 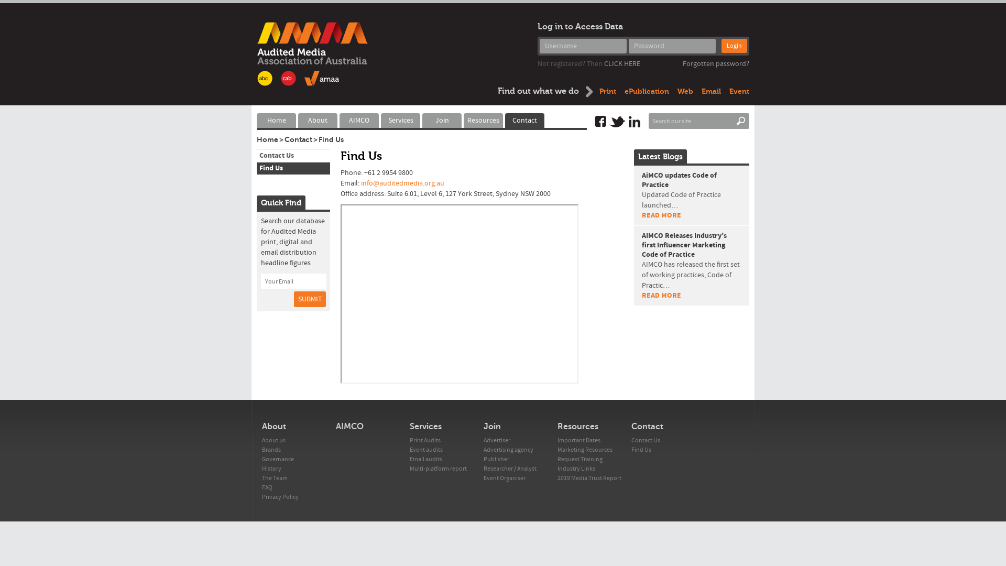 I want to click on 'Important Dates', so click(x=578, y=440).